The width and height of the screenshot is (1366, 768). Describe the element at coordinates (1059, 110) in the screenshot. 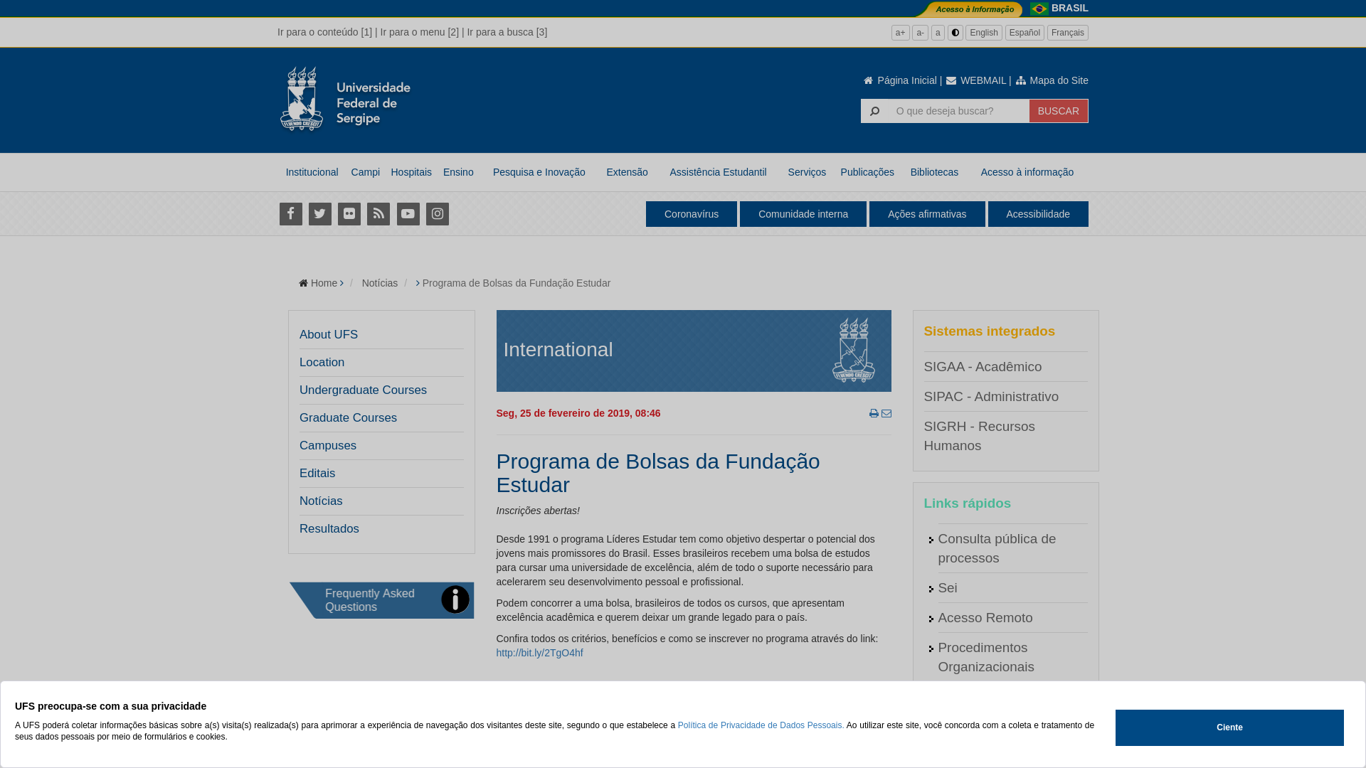

I see `'BUSCAR'` at that location.